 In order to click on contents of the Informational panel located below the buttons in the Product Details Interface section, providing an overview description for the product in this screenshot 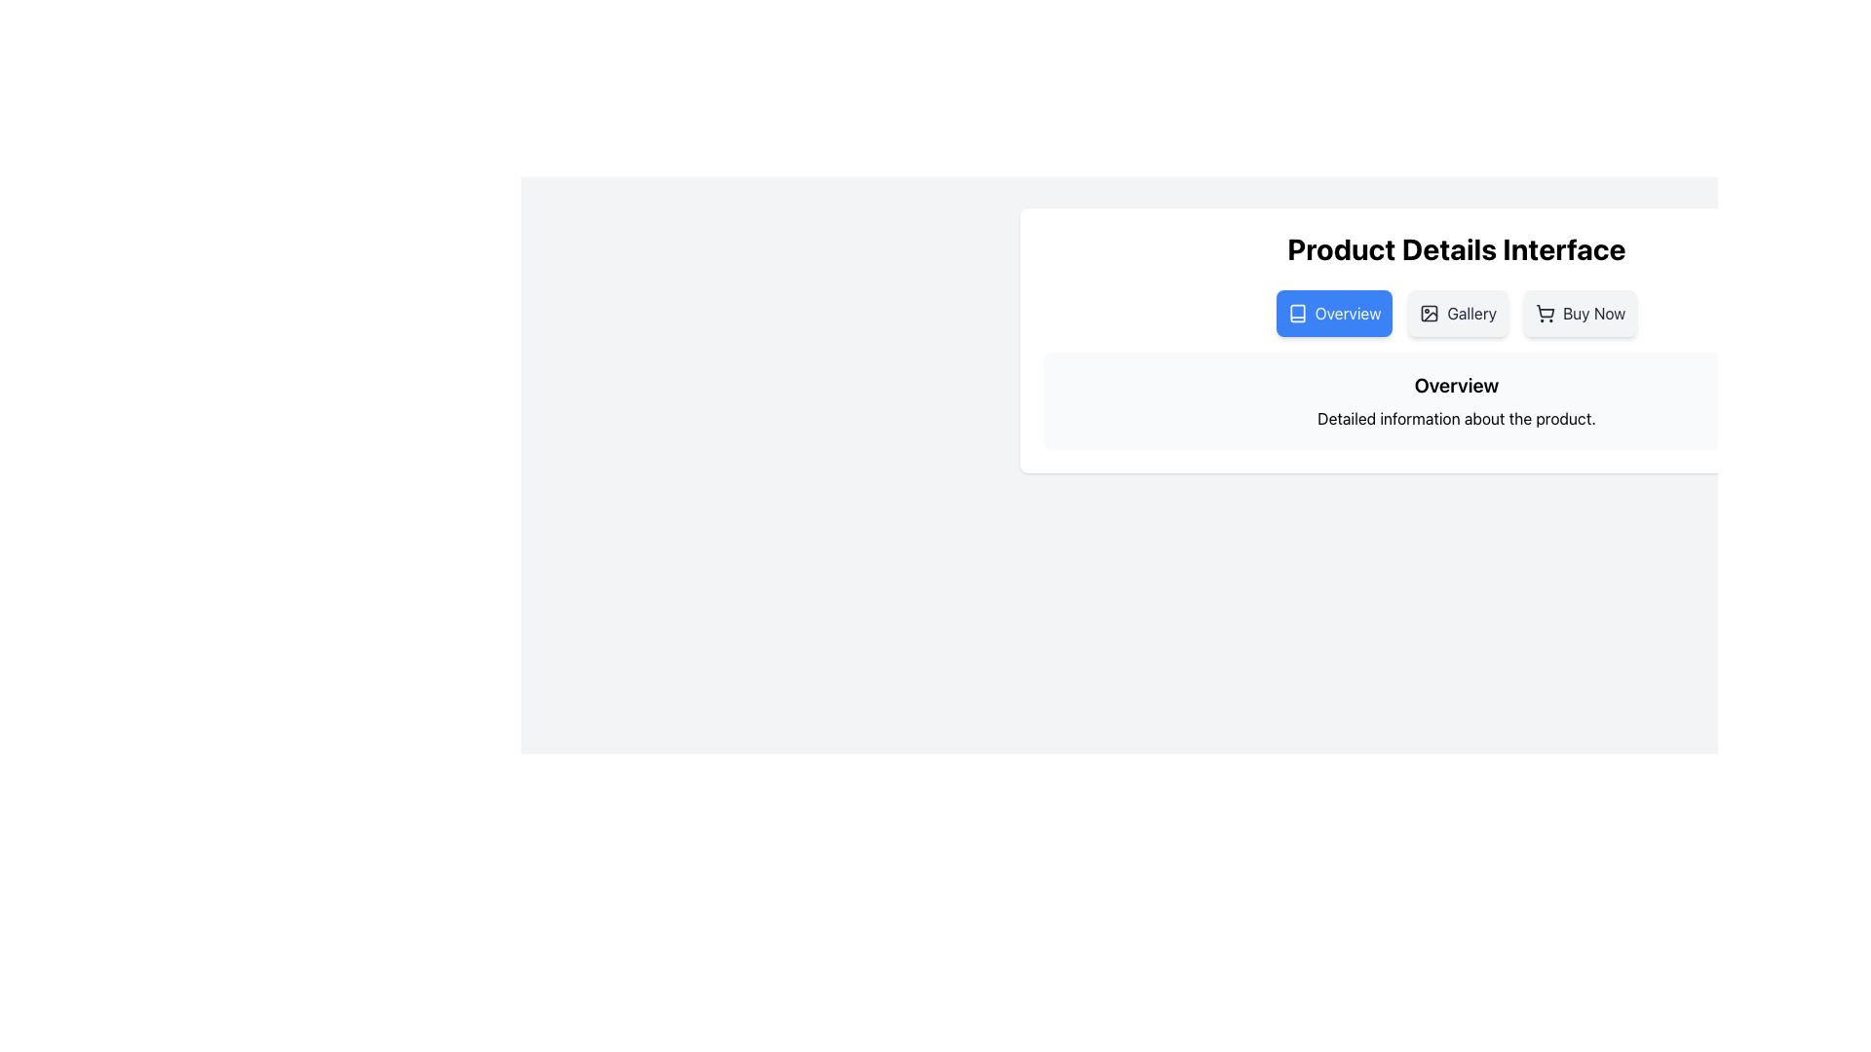, I will do `click(1456, 400)`.